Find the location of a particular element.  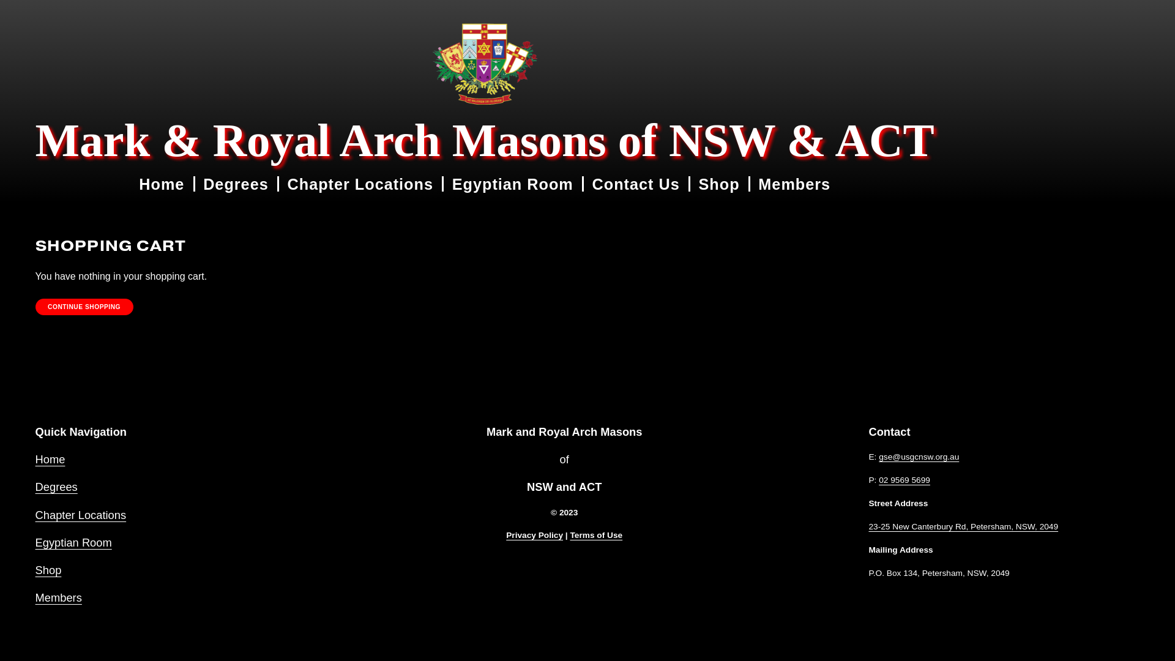

'Degrees' is located at coordinates (56, 486).